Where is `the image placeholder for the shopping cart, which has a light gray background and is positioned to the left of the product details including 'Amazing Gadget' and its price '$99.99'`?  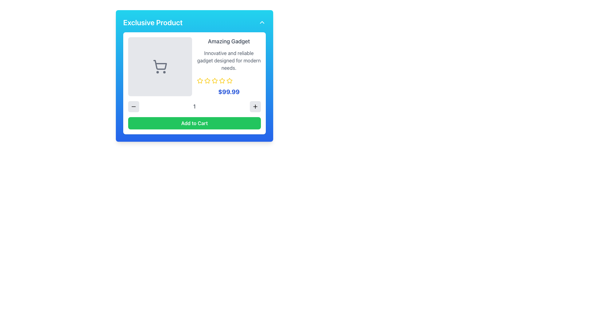 the image placeholder for the shopping cart, which has a light gray background and is positioned to the left of the product details including 'Amazing Gadget' and its price '$99.99' is located at coordinates (160, 66).